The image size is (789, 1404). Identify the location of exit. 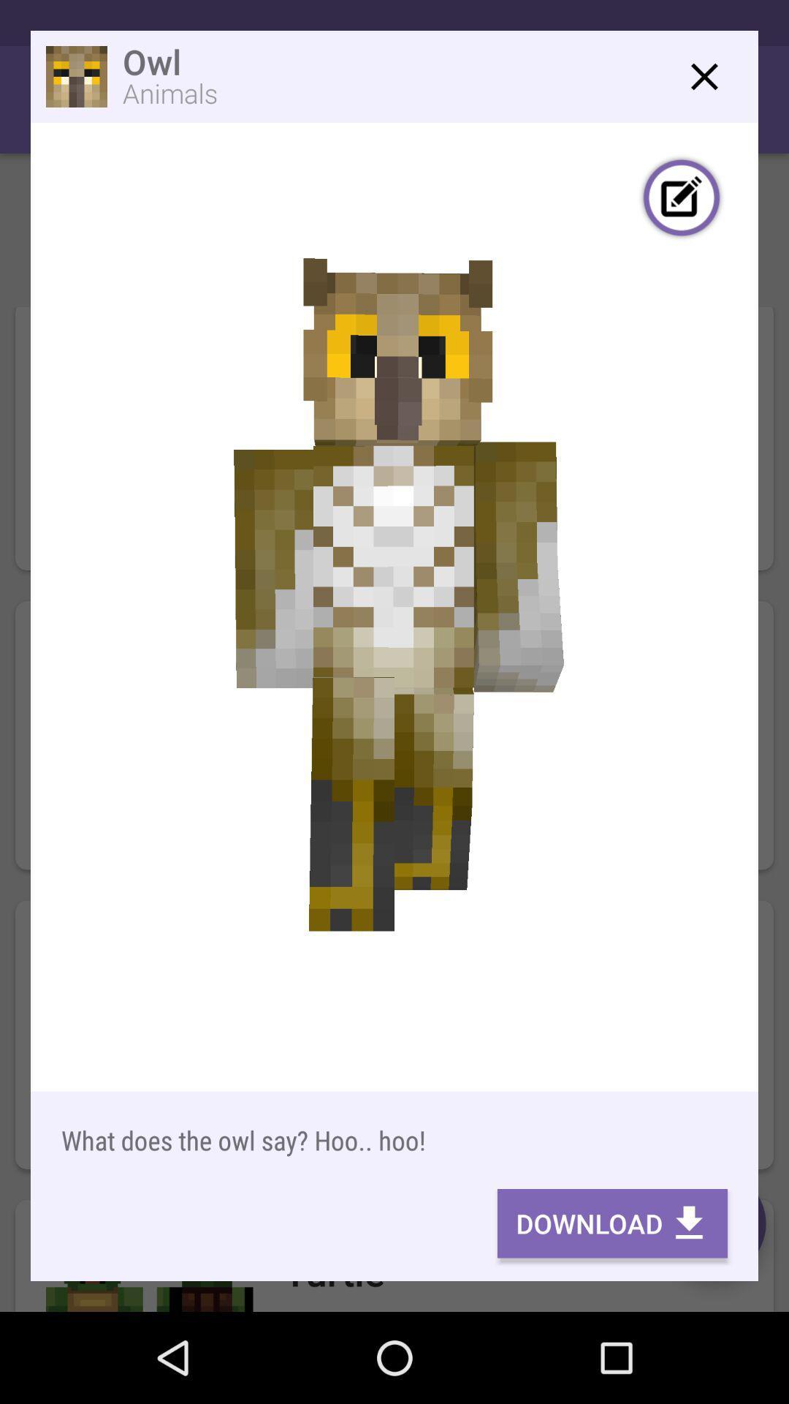
(704, 76).